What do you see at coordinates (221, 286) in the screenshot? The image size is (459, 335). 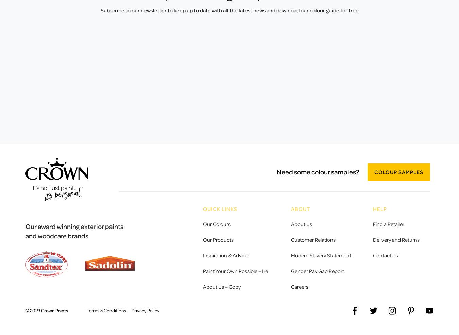 I see `'About Us – Copy'` at bounding box center [221, 286].